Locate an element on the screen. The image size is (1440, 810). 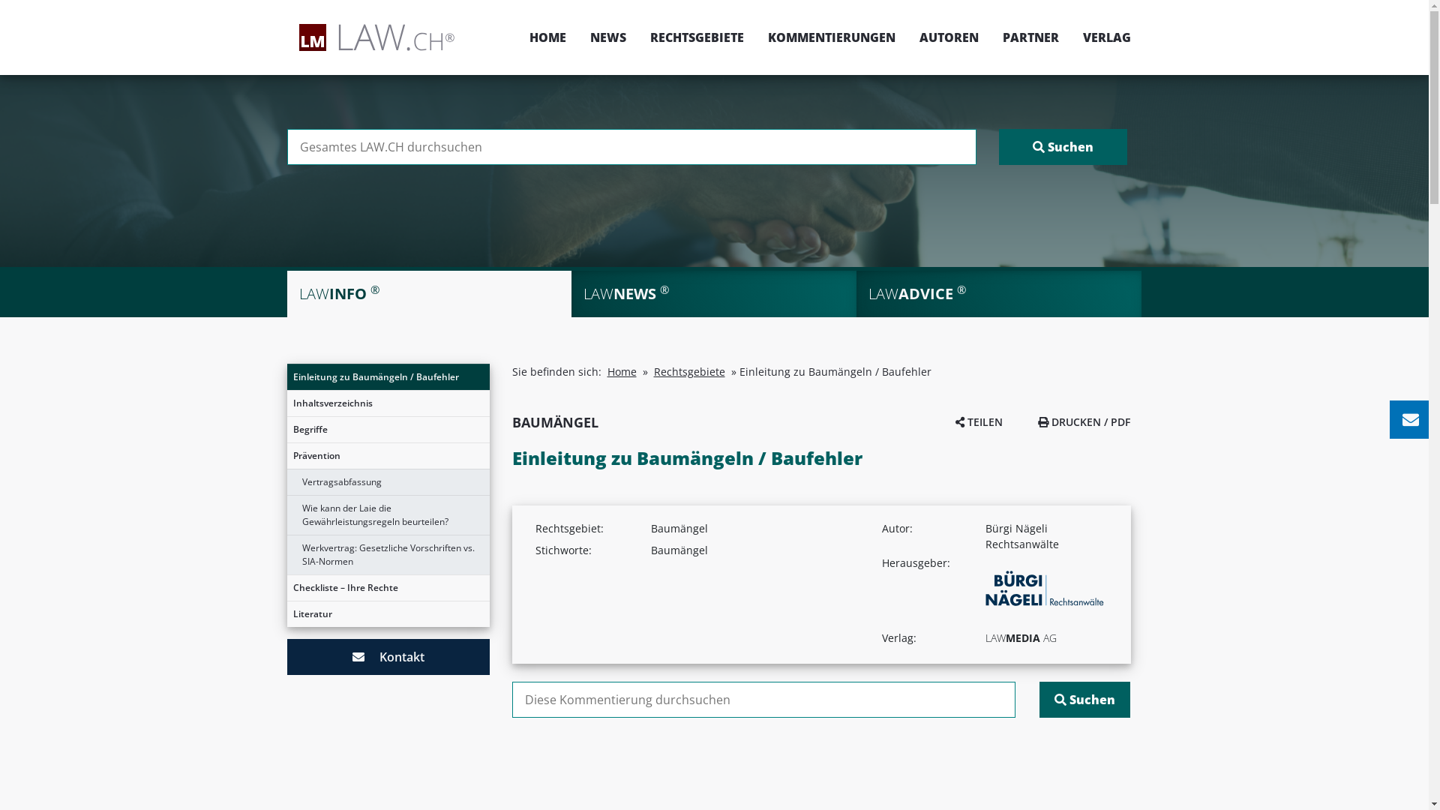
'Home' is located at coordinates (607, 371).